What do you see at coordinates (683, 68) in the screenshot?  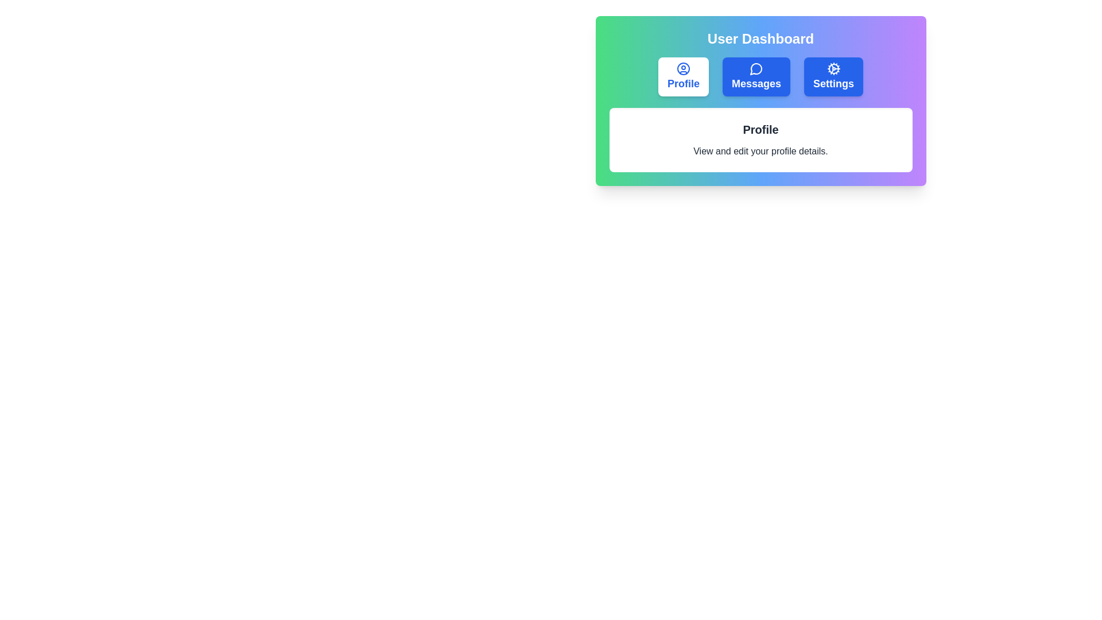 I see `the 'Profile' icon located in the first button from the left in the top row of the dashboard, which is part of a group of three buttons adjacent to 'Messages' and 'Settings'` at bounding box center [683, 68].